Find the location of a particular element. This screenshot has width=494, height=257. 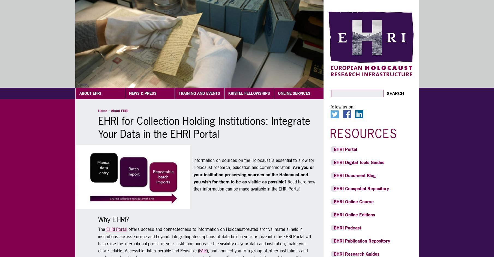

'Are you or your institution preserving sources on the Holocaust and you wish for them to be as visible as possible?' is located at coordinates (253, 174).